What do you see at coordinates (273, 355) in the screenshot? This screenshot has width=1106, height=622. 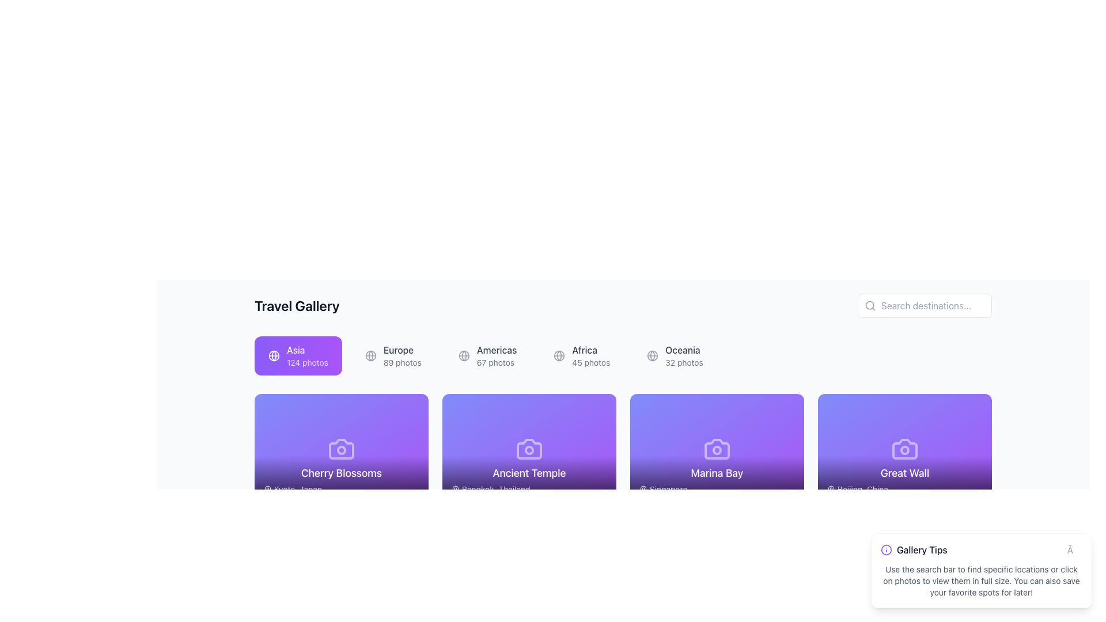 I see `the circular globe icon with a thin border and latitude and longitude lines, which is part of the purple gradient button labeled 'Asia 124 photos'` at bounding box center [273, 355].